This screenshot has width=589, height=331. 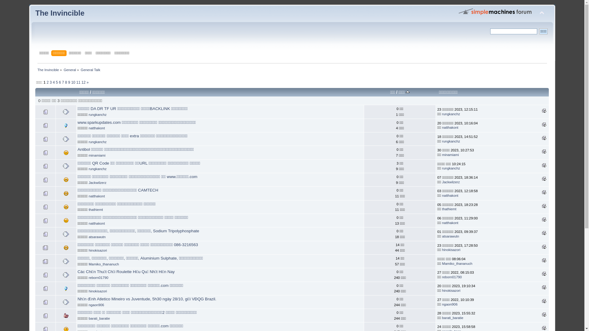 What do you see at coordinates (450, 154) in the screenshot?
I see `'minamiami'` at bounding box center [450, 154].